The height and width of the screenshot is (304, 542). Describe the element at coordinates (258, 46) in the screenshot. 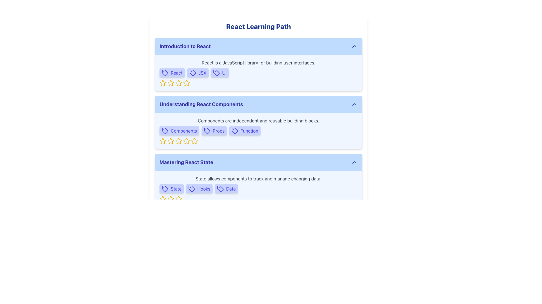

I see `the 'Introduction to React' collapsible header for navigation by moving the cursor over it` at that location.